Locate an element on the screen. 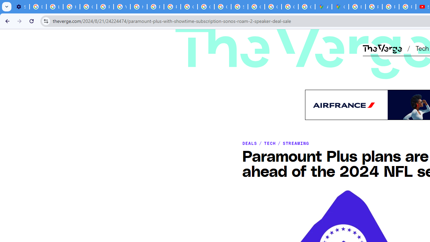 This screenshot has height=242, width=430. 'Google Maps' is located at coordinates (340, 7).